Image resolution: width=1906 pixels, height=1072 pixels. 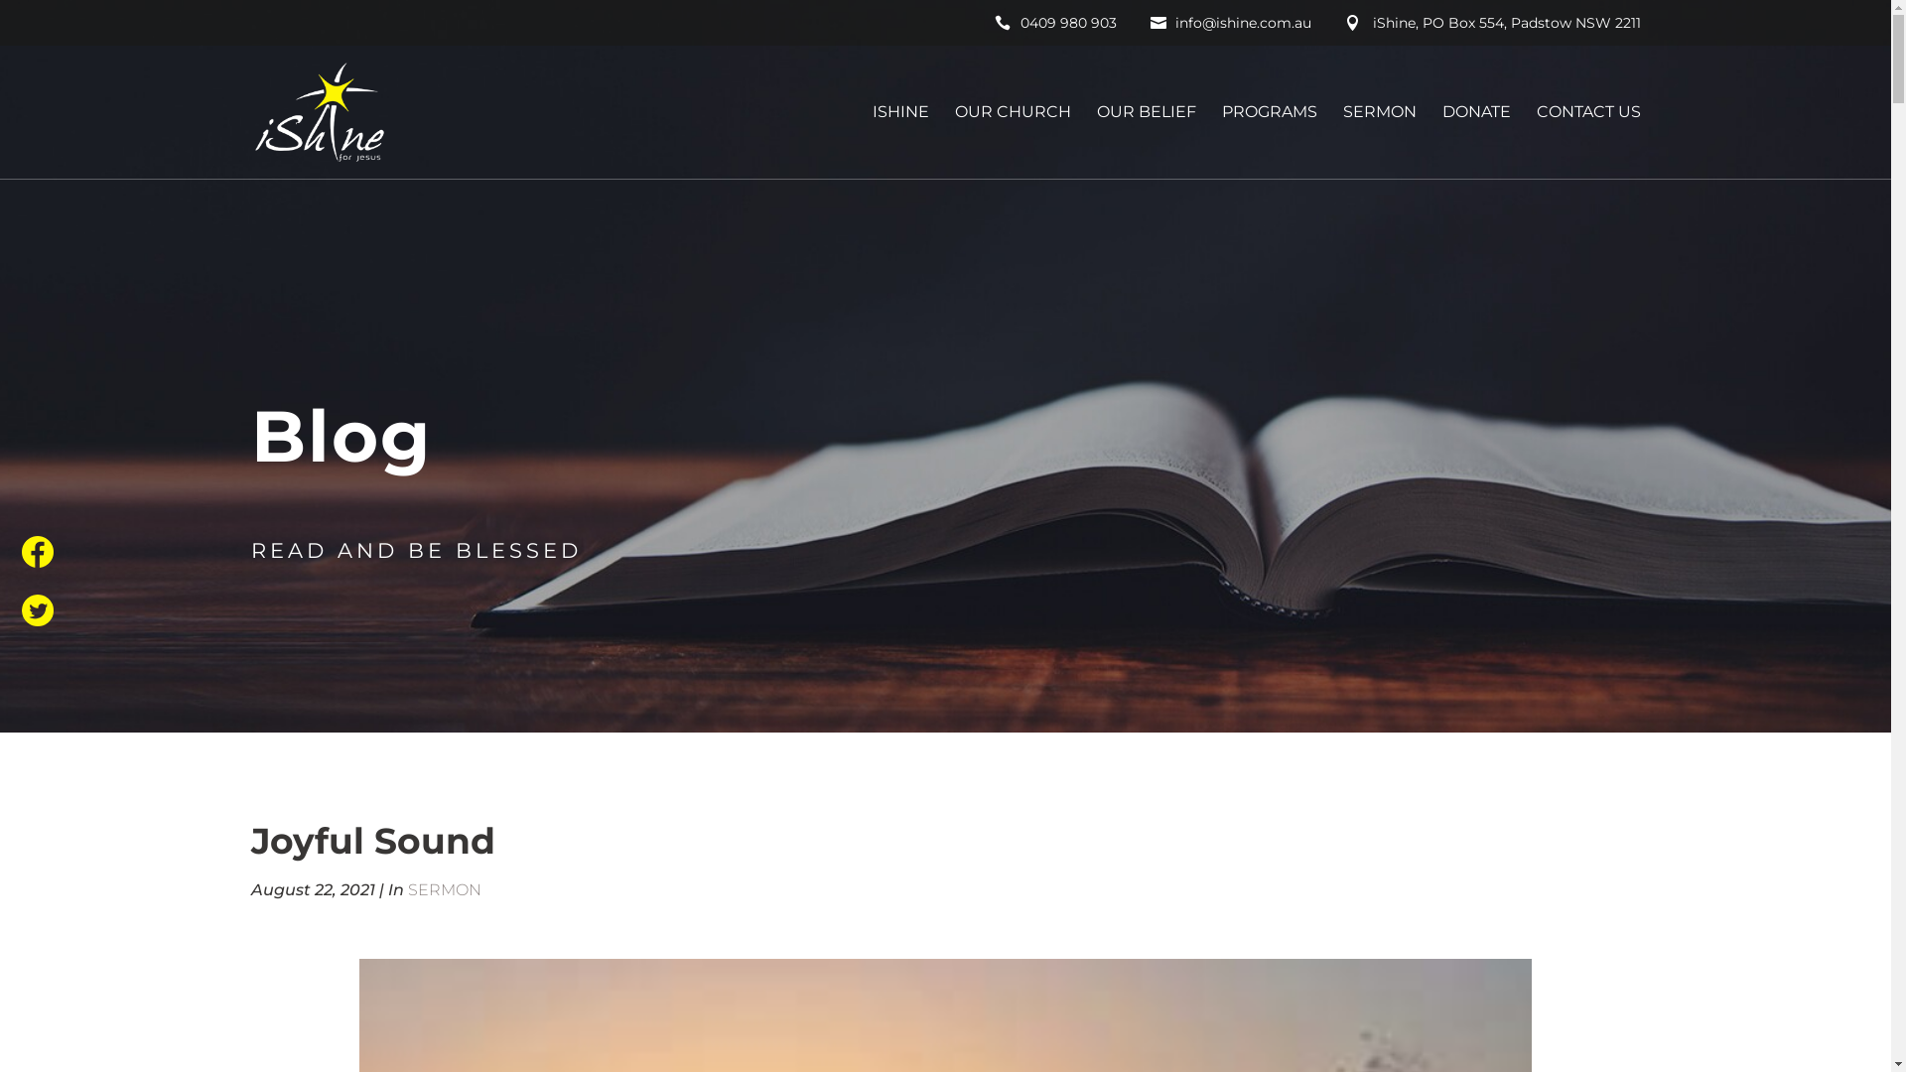 What do you see at coordinates (1228, 28) in the screenshot?
I see `'info@ishine.com.au'` at bounding box center [1228, 28].